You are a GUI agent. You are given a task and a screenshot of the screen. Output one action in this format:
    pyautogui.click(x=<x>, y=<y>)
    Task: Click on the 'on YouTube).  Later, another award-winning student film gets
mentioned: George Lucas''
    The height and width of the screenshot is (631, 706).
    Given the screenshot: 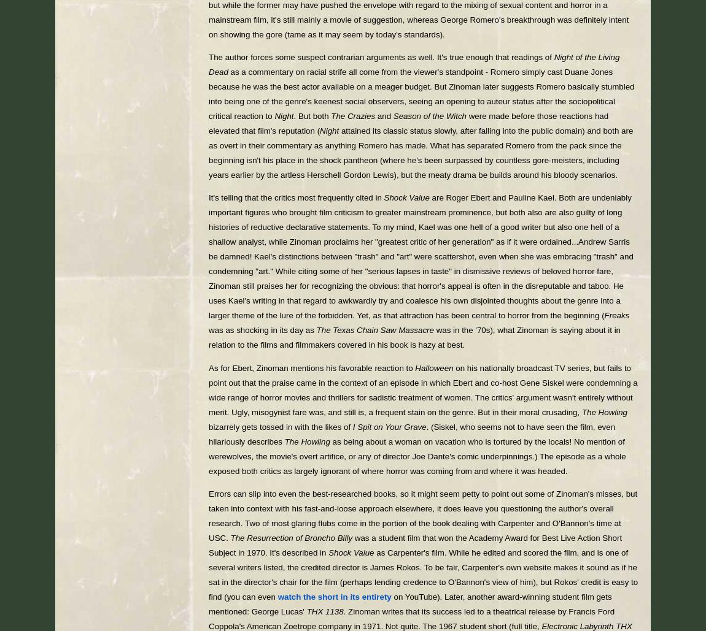 What is the action you would take?
    pyautogui.click(x=409, y=603)
    